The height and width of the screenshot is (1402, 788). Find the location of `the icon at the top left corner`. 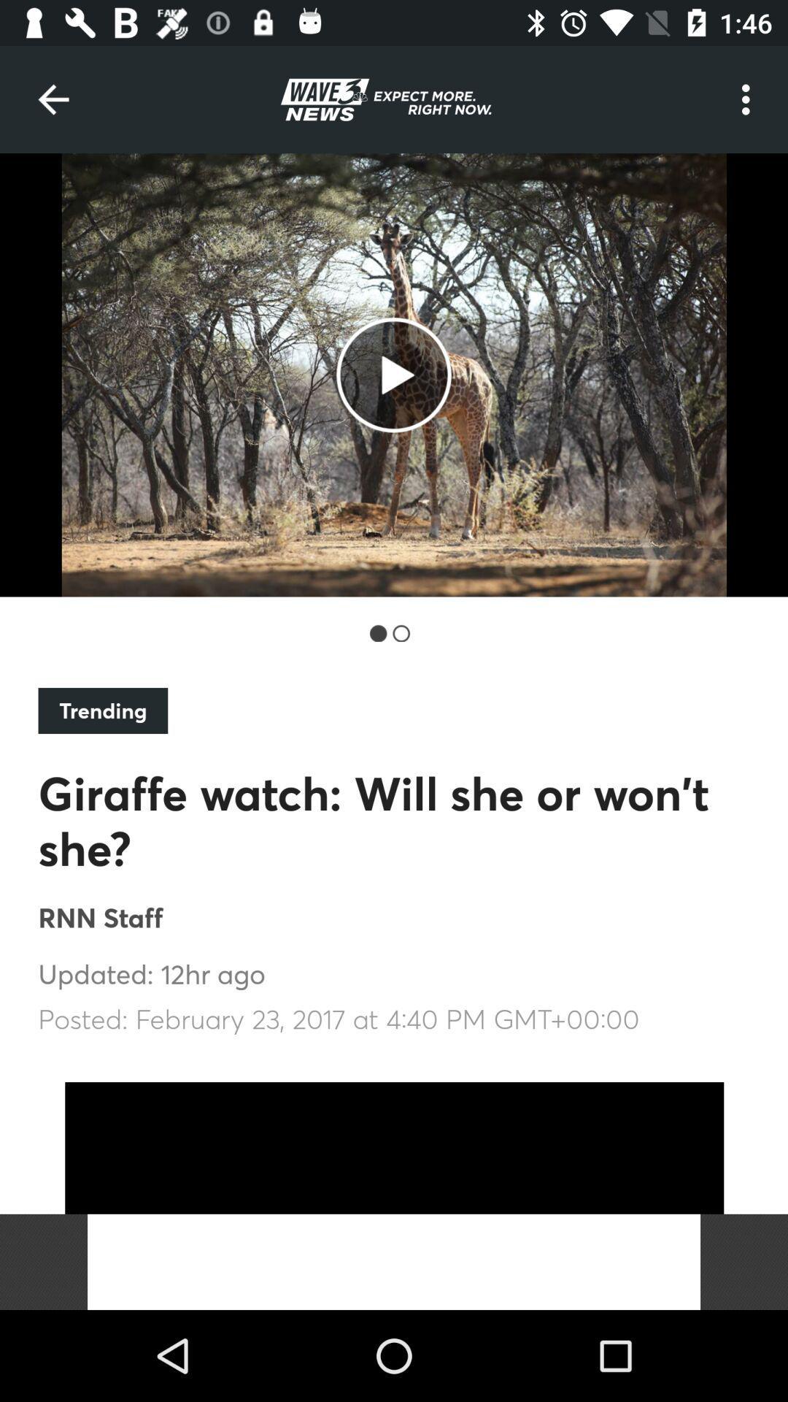

the icon at the top left corner is located at coordinates (53, 99).